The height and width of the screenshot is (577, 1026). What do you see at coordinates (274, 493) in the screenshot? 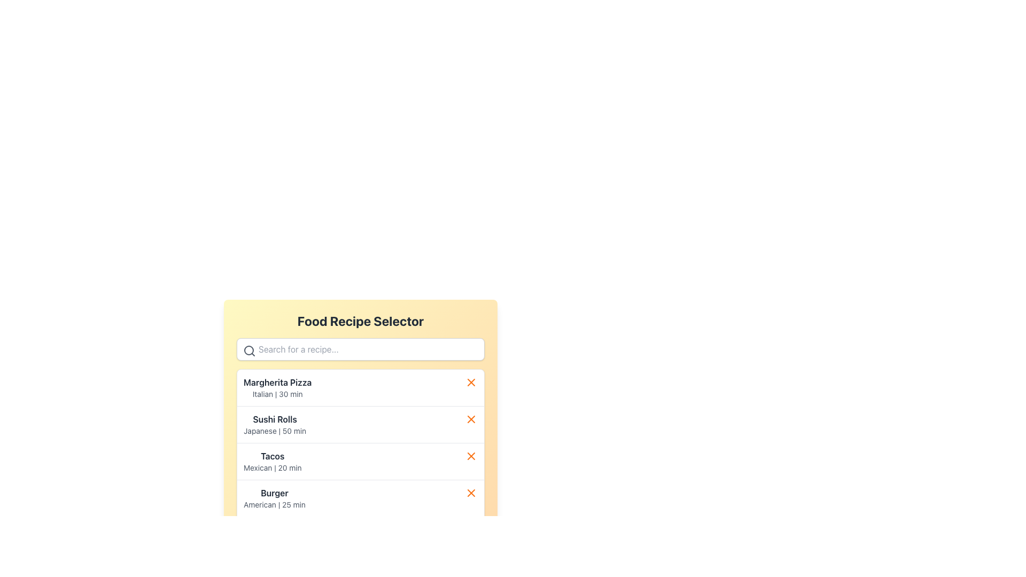
I see `the text label that displays 'Burger', which is the first line of text in the fourth position within a vertical list of selectable options in the 'Food Recipe Selector' section` at bounding box center [274, 493].